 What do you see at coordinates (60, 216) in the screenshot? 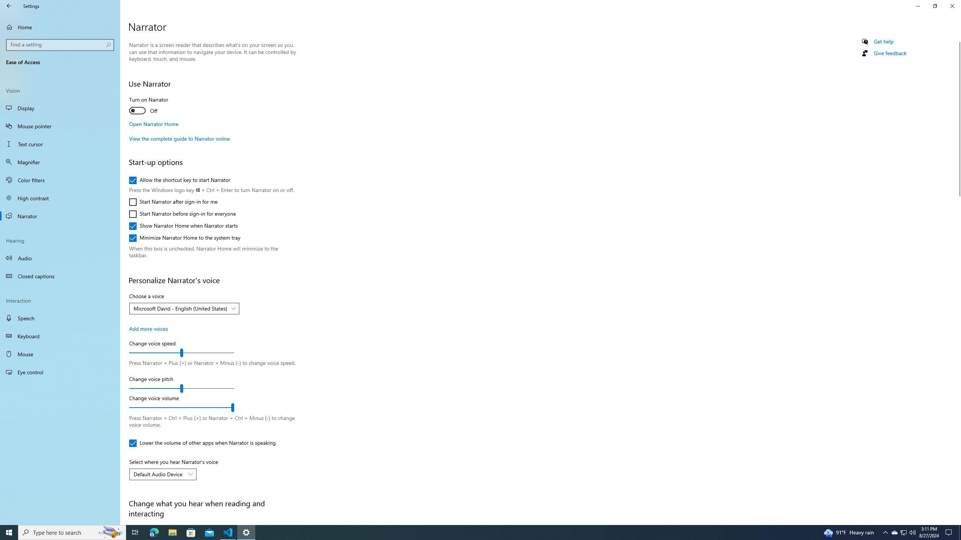
I see `'Narrator'` at bounding box center [60, 216].